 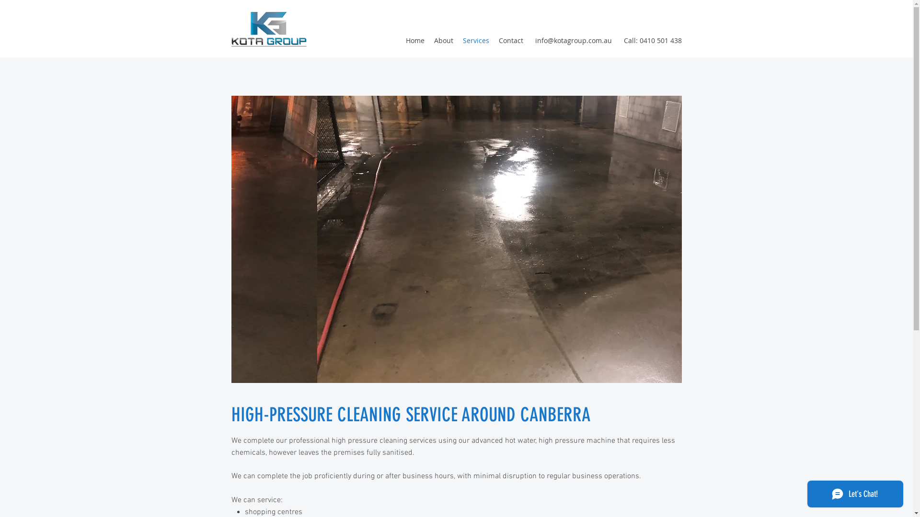 I want to click on 'Contact', so click(x=510, y=40).